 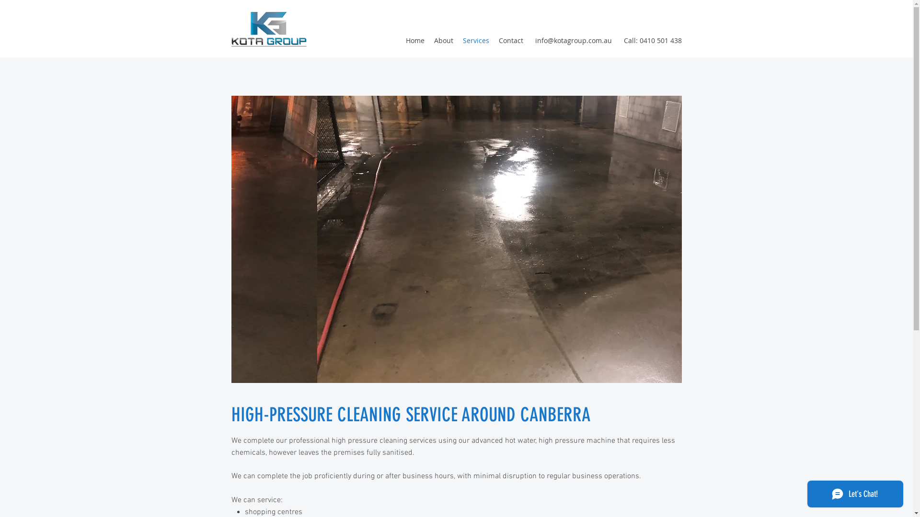 I want to click on 'Contact', so click(x=510, y=40).